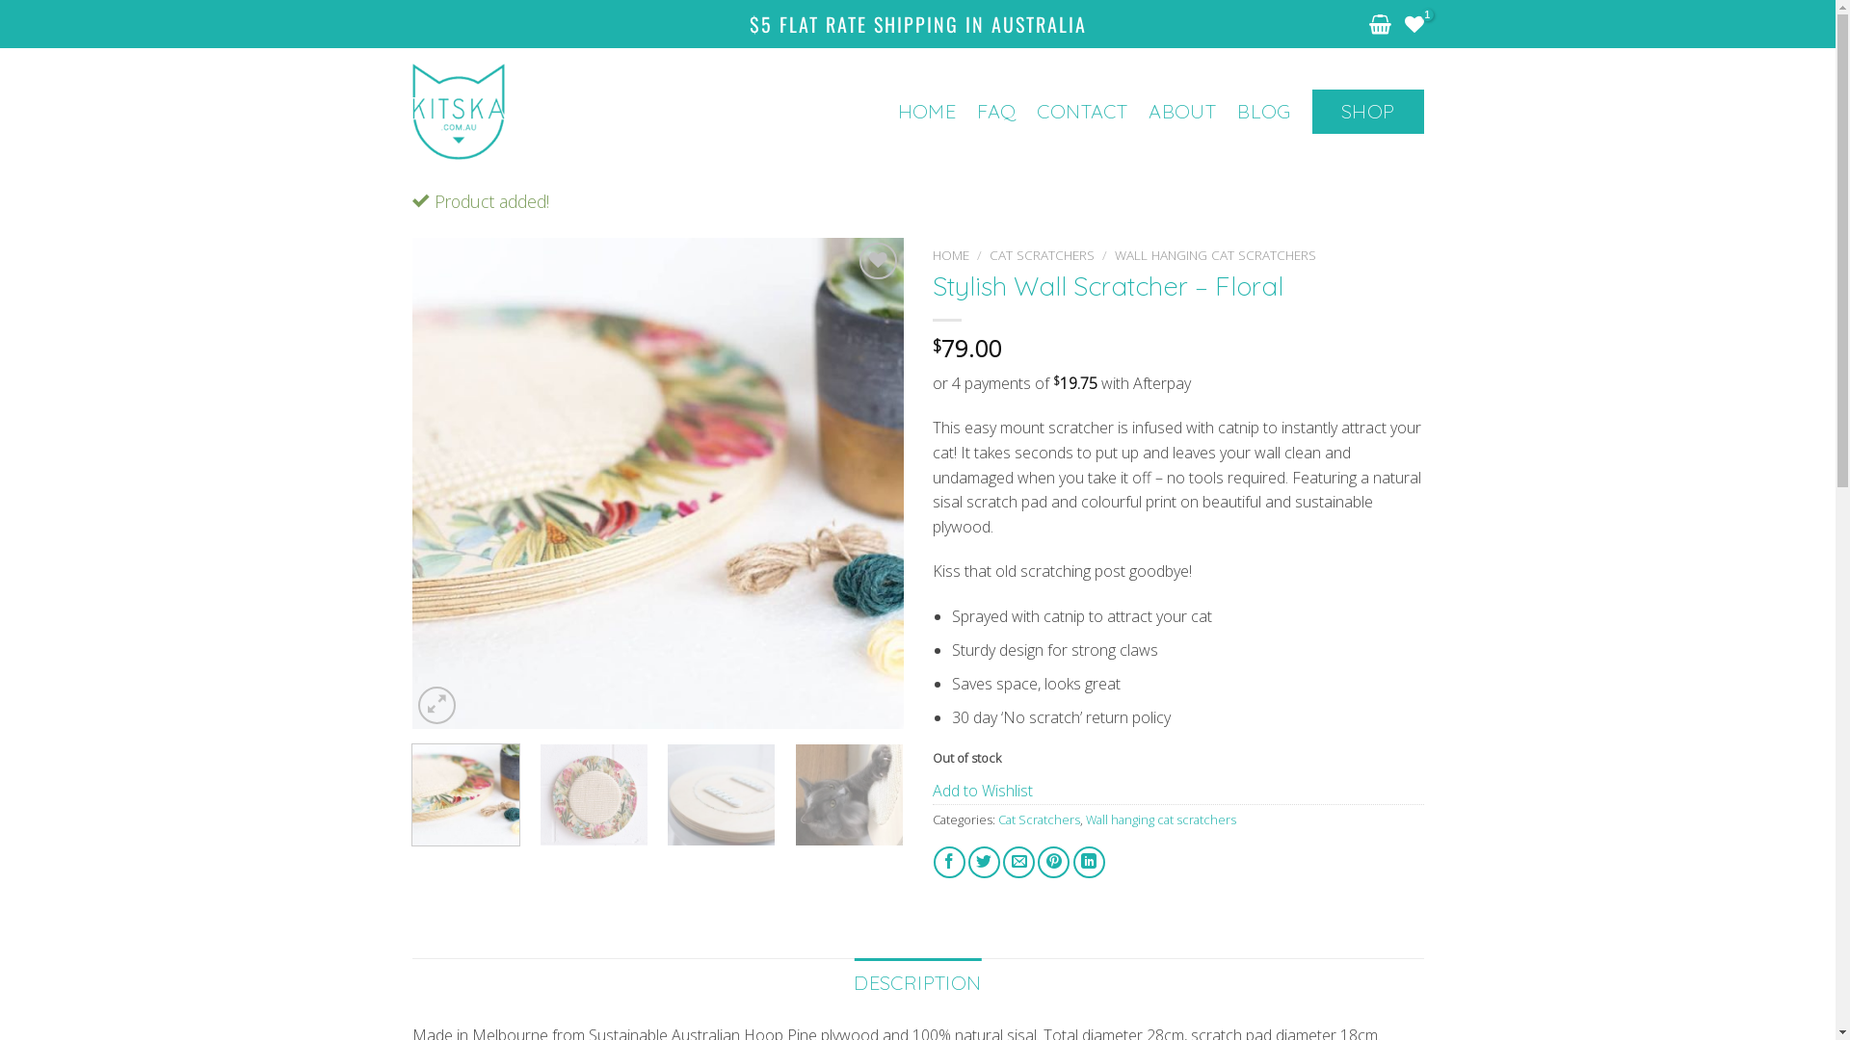 Image resolution: width=1850 pixels, height=1040 pixels. Describe the element at coordinates (1052, 861) in the screenshot. I see `'Pin on Pinterest'` at that location.